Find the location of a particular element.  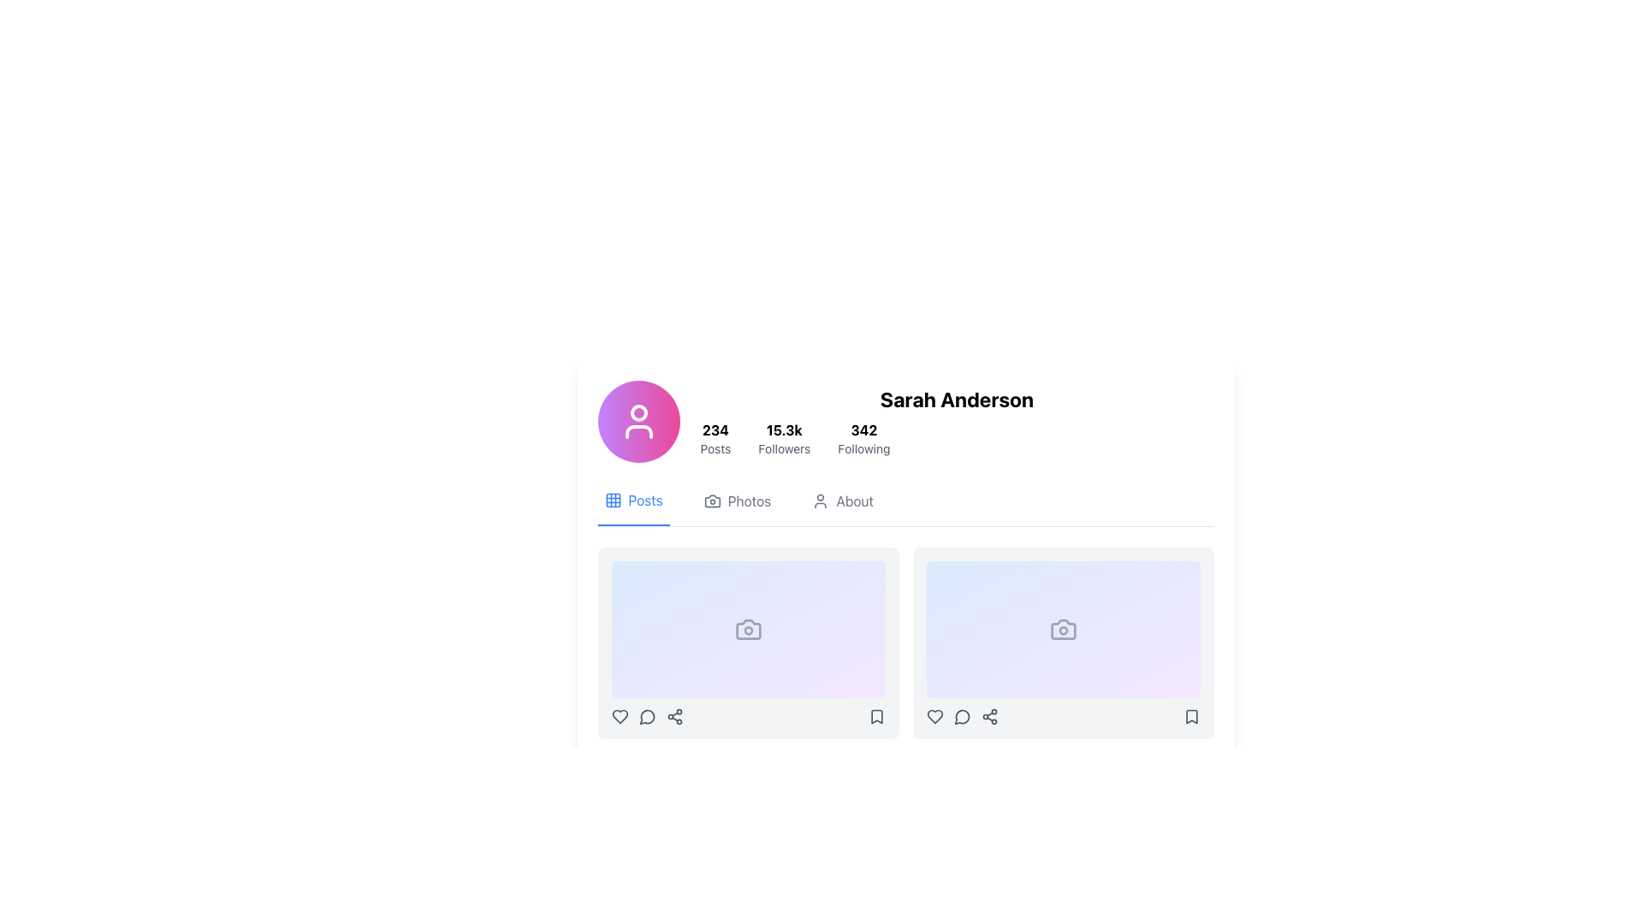

the comment icon in the bottom right of the content card is located at coordinates (962, 716).